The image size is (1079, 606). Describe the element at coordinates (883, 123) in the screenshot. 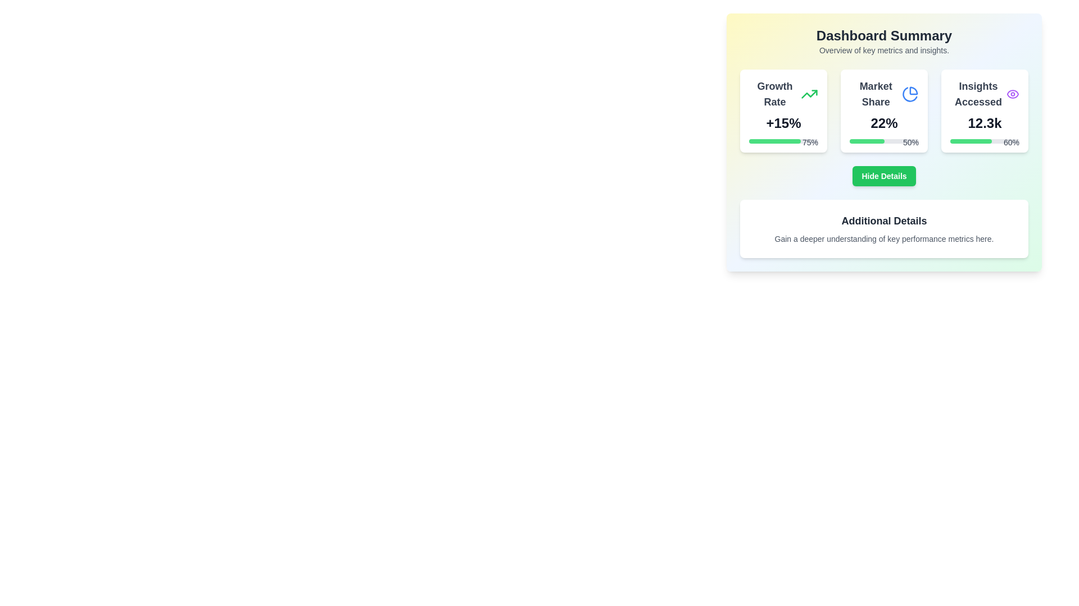

I see `the static text indicating the percentage value of market share on the dashboard, located between the 'Growth Rate' and 'Insights Accessed' sections` at that location.